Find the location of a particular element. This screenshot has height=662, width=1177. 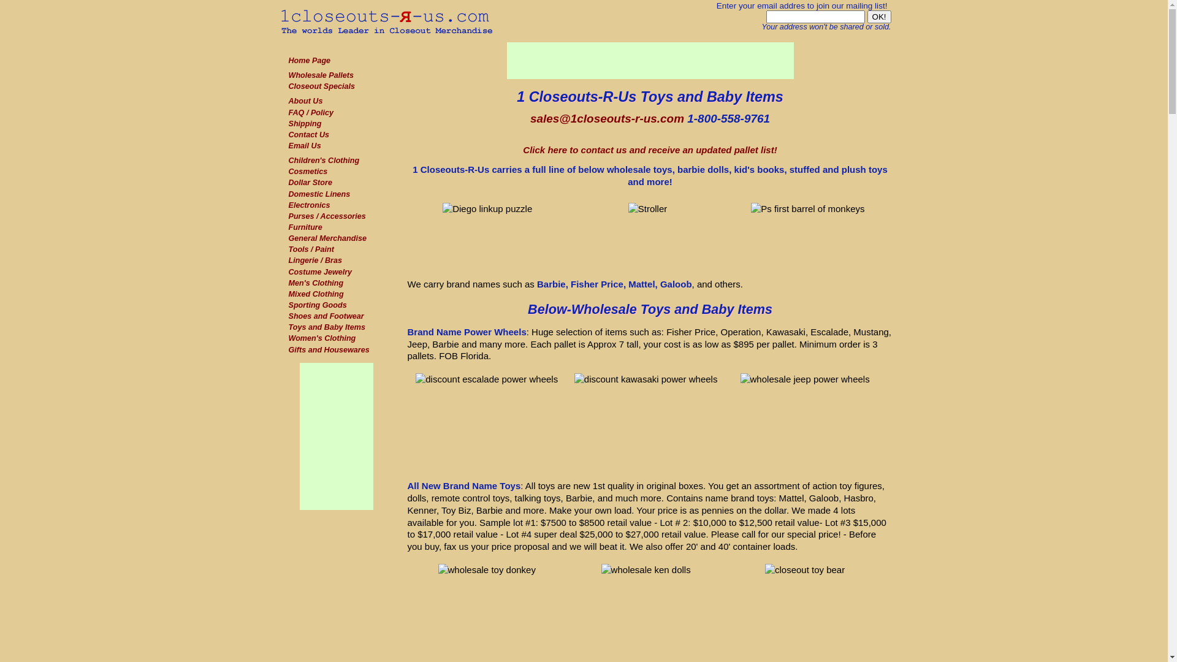

'Contact Us' is located at coordinates (288, 134).